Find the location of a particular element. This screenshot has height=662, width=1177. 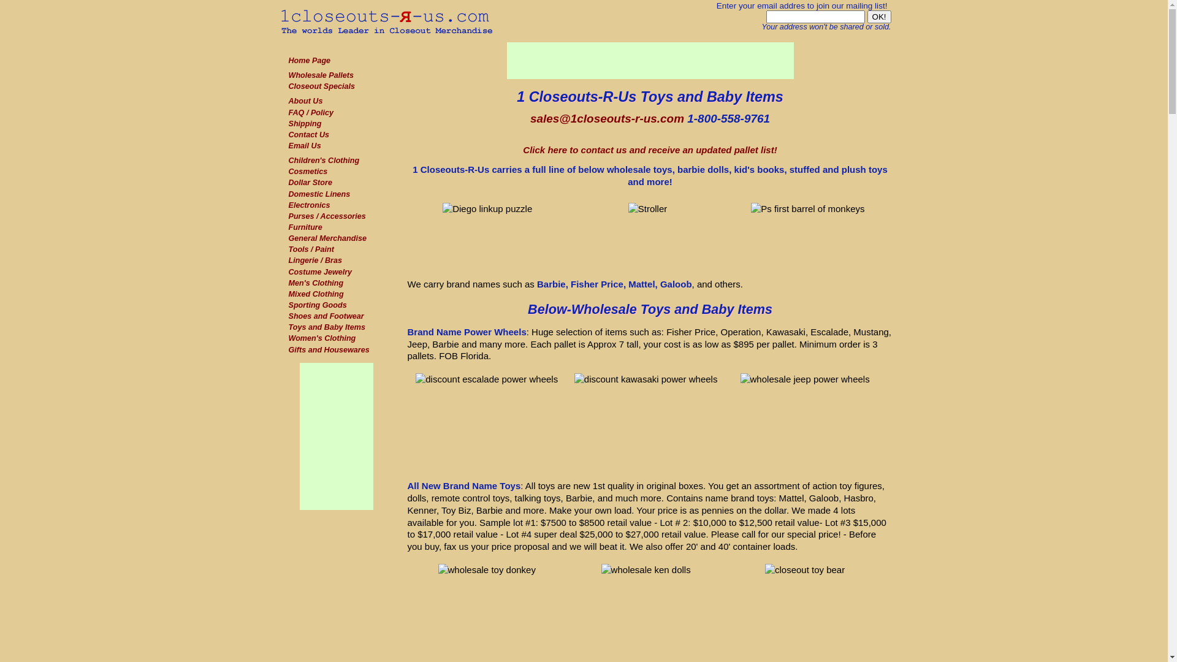

'Contact Us' is located at coordinates (288, 134).